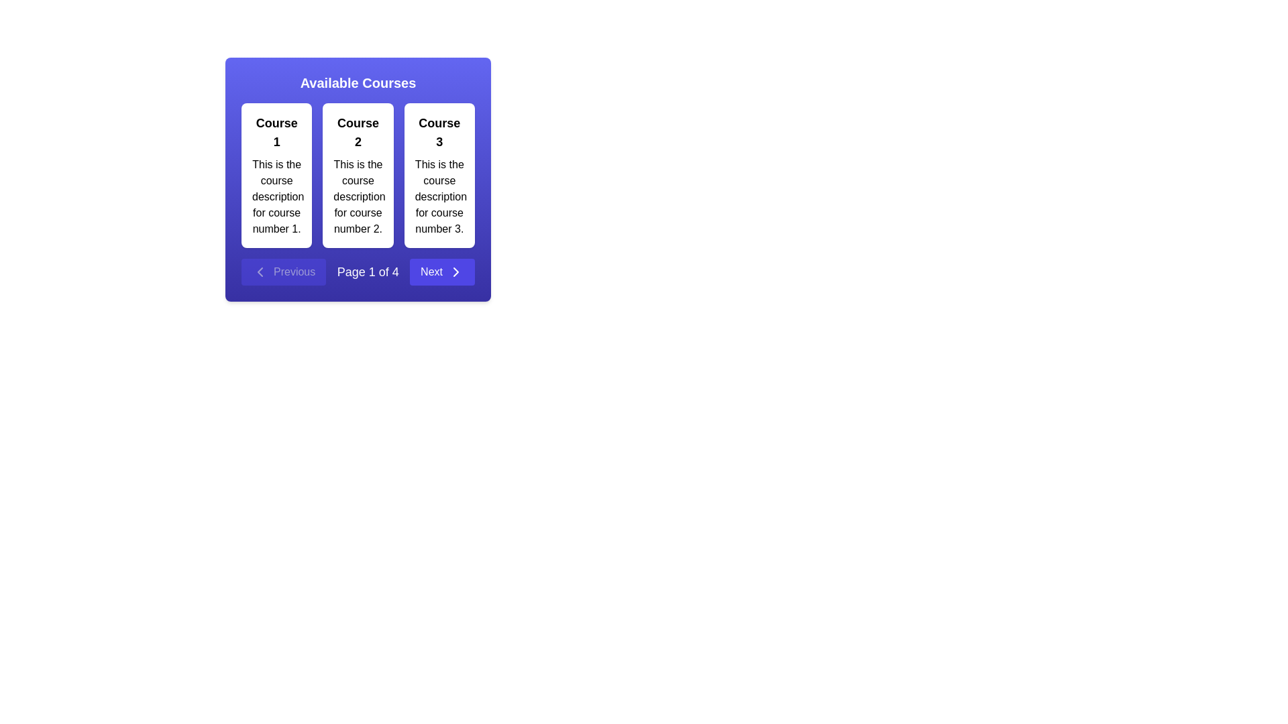  I want to click on the status indicator label located in the navigation bar at the bottom of the main card, which displays the current page and total number of pages, so click(368, 271).